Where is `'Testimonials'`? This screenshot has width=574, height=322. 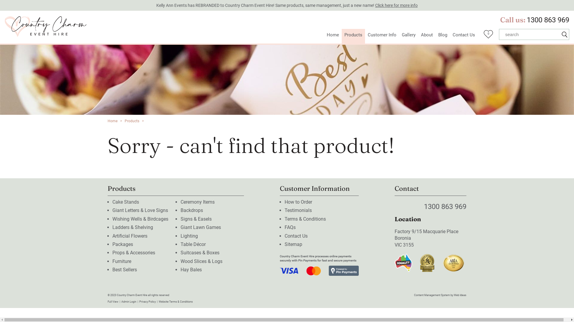 'Testimonials' is located at coordinates (284, 210).